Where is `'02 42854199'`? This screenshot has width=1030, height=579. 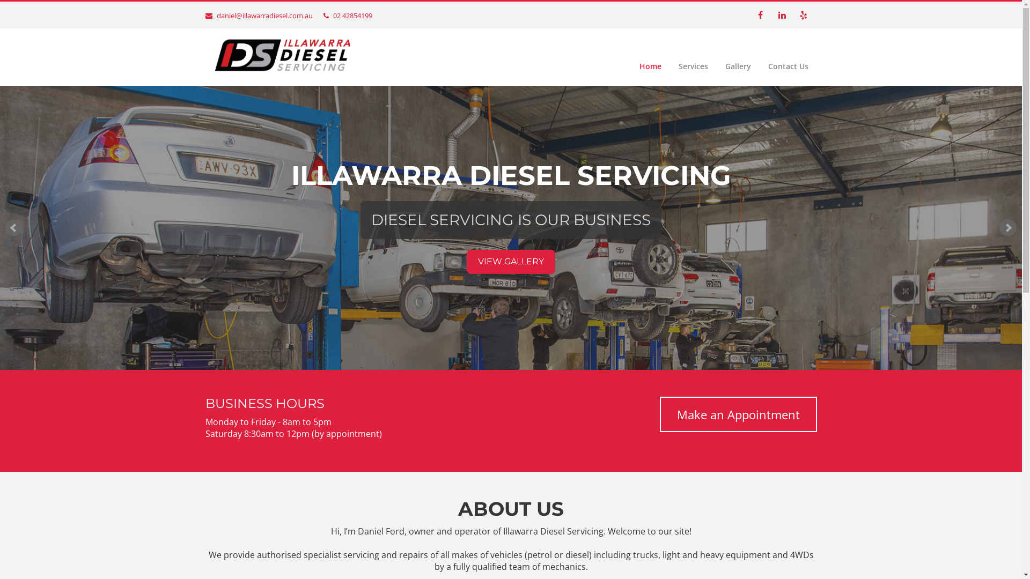 '02 42854199' is located at coordinates (352, 16).